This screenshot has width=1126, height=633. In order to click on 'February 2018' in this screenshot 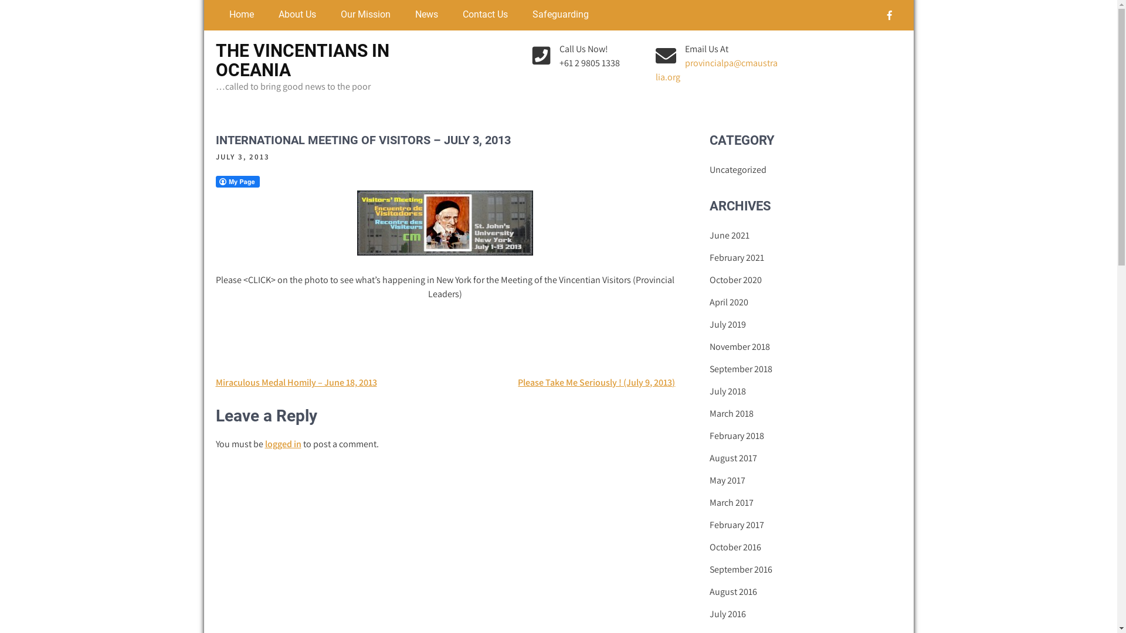, I will do `click(708, 436)`.